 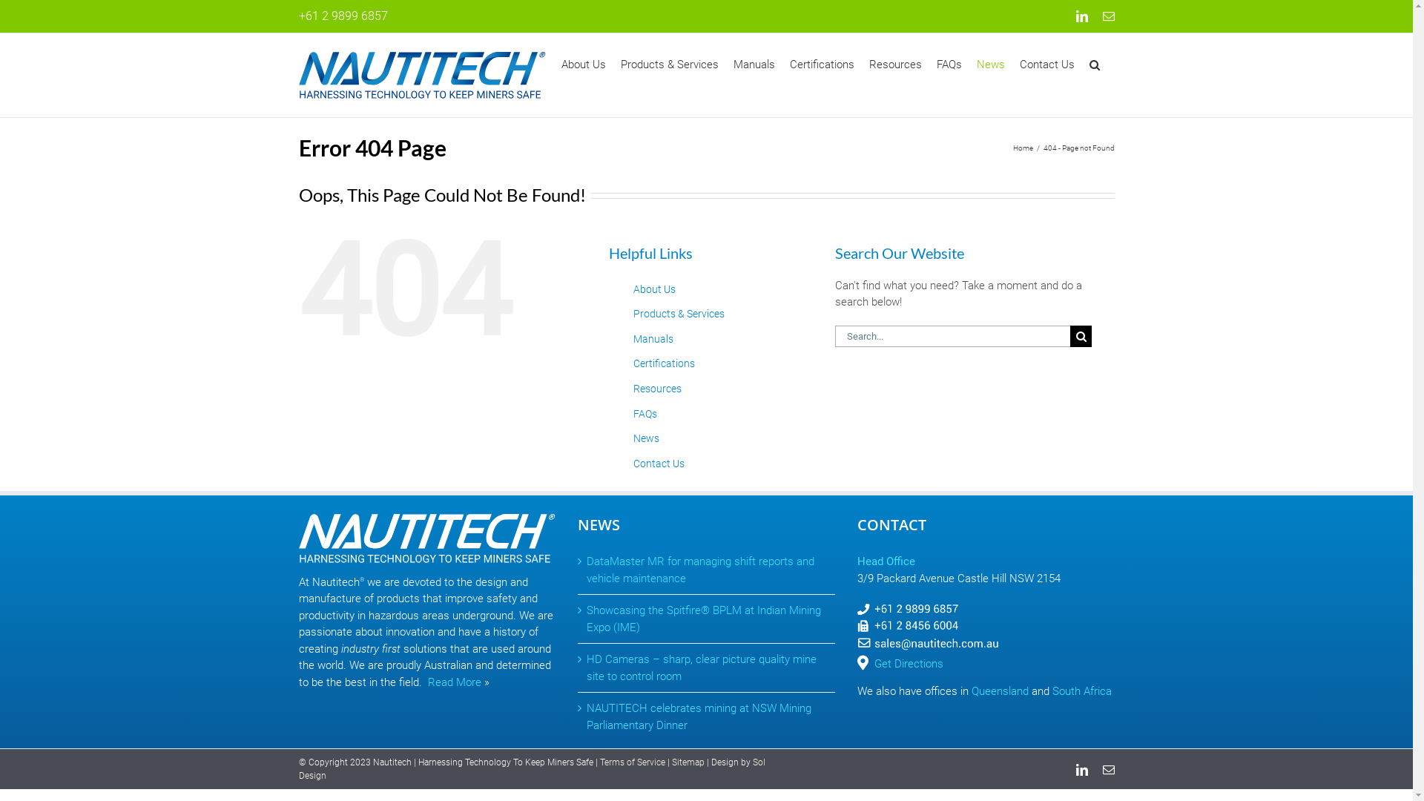 I want to click on 'LinkedIn', so click(x=1081, y=768).